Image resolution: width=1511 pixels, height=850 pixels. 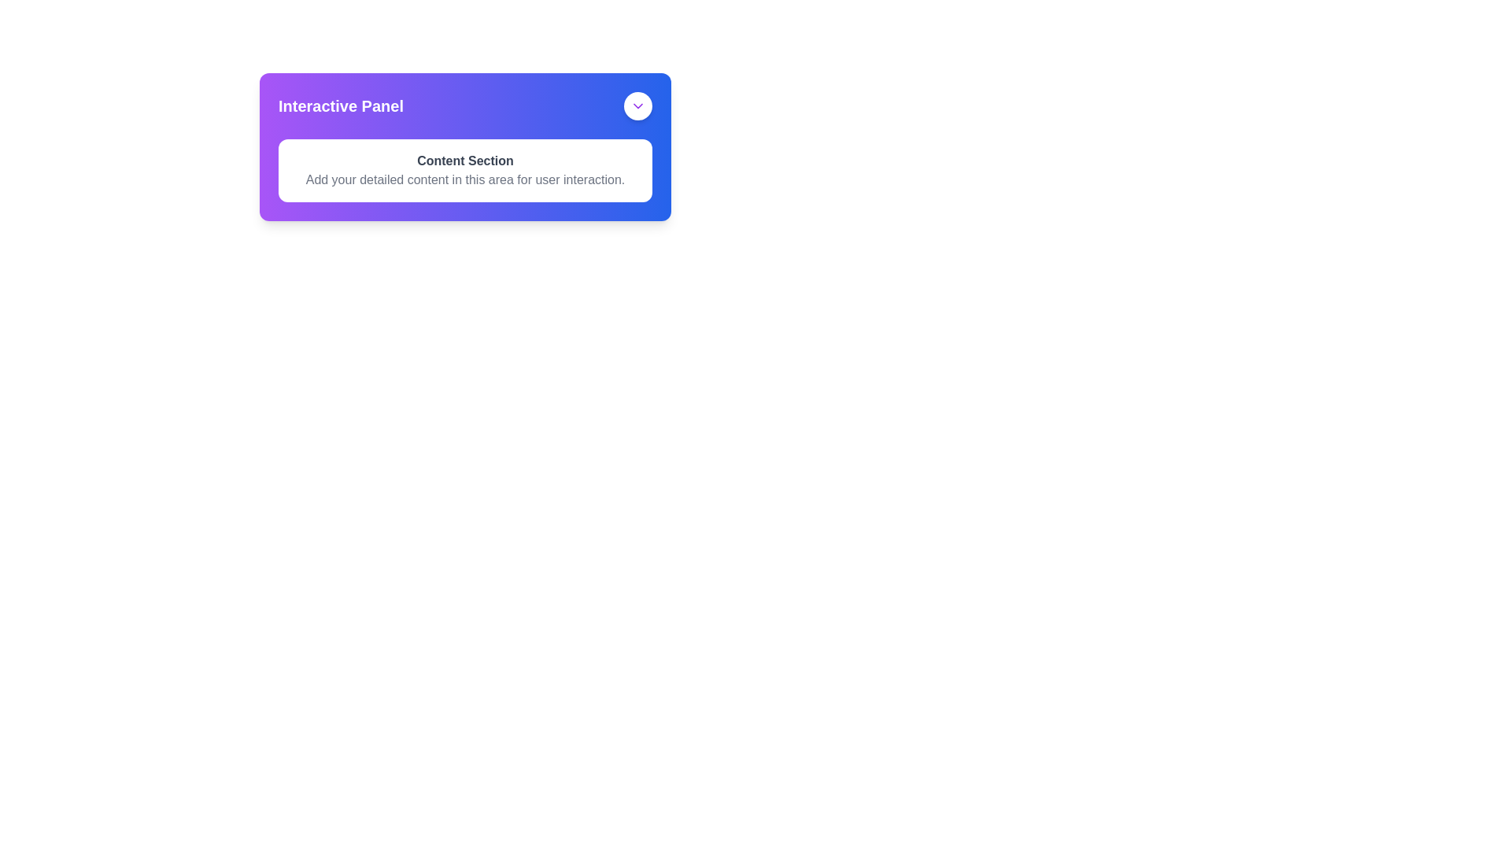 I want to click on the static content card with a white background and rounded corners that contains the text 'Content Section' prominently displayed in gray font, so click(x=464, y=170).